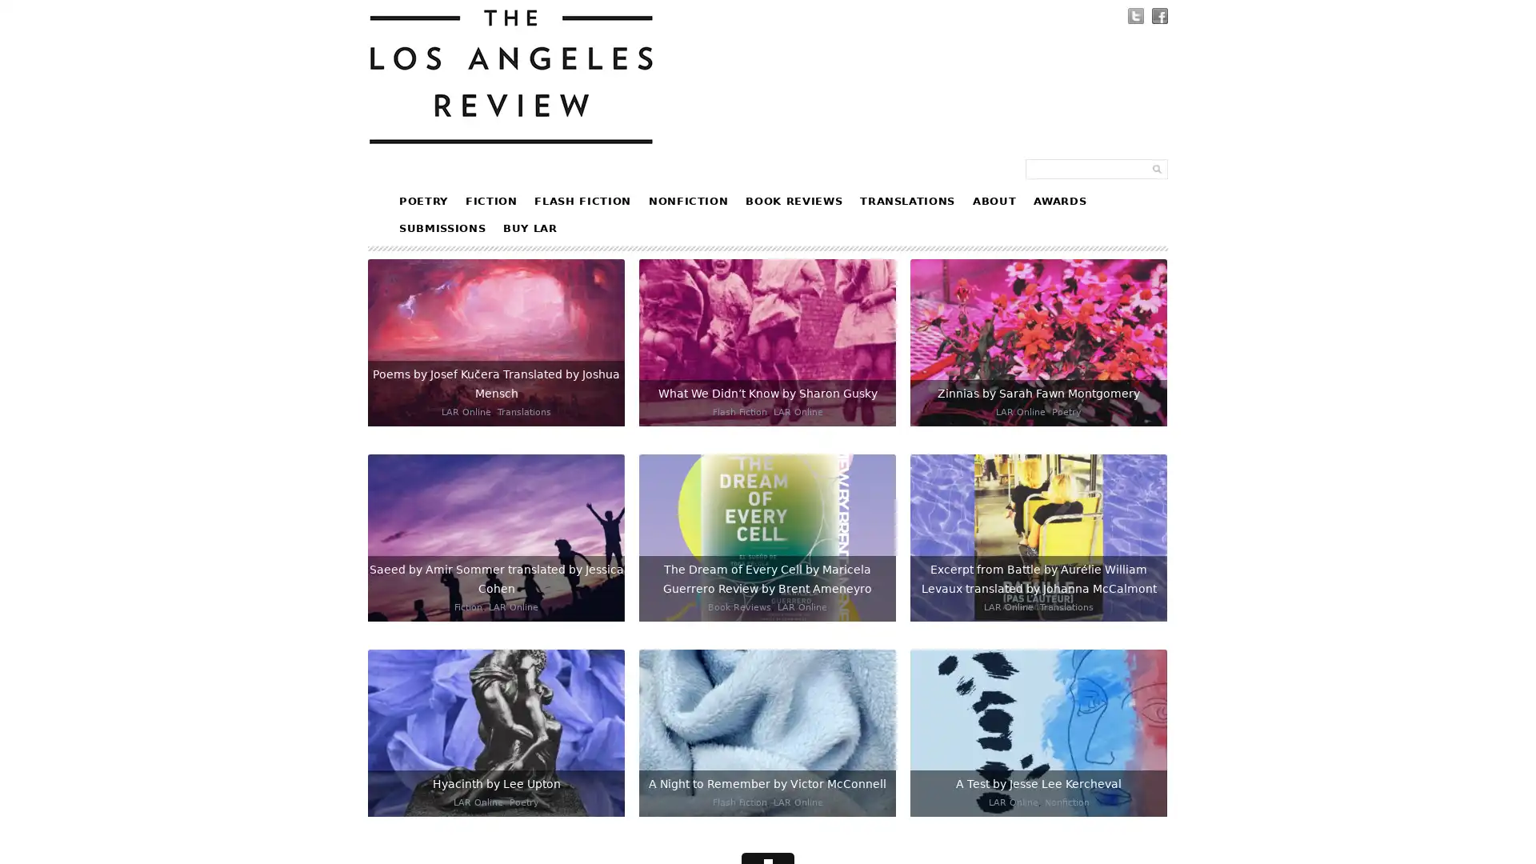  Describe the element at coordinates (1157, 169) in the screenshot. I see `Submit Form` at that location.